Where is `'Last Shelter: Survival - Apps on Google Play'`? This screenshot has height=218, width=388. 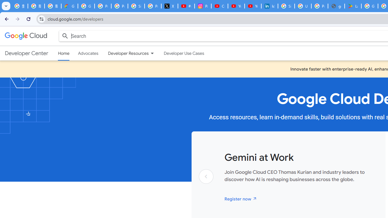 'Last Shelter: Survival - Apps on Google Play' is located at coordinates (353, 6).